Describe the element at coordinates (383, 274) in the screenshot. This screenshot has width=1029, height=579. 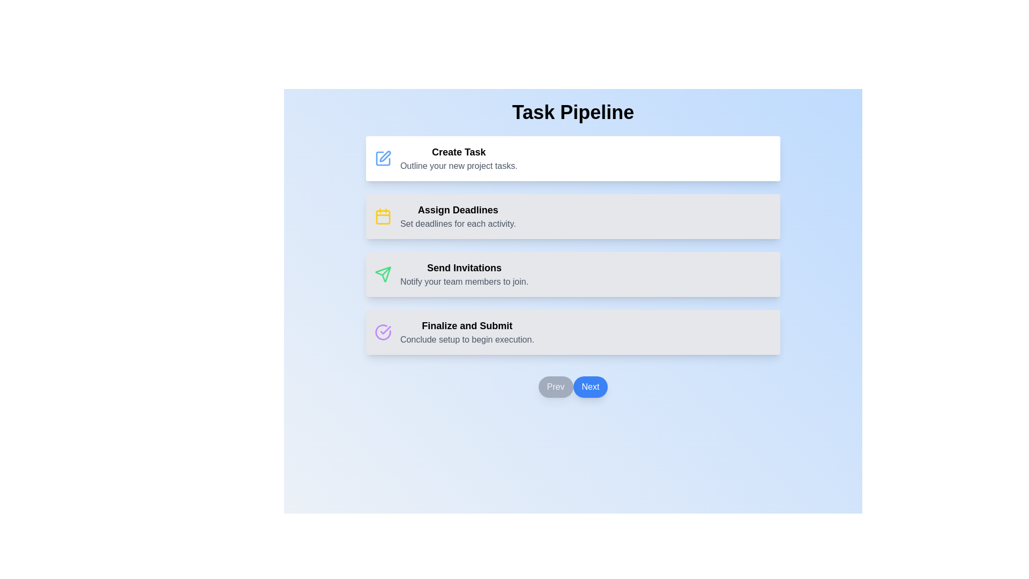
I see `the green paper plane icon located to the left of the 'Send Invitations' text, which is the third item in the pipeline layout` at that location.